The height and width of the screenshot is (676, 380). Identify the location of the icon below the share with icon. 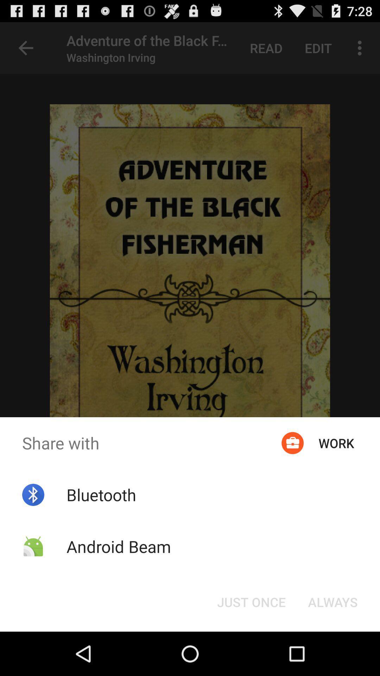
(101, 494).